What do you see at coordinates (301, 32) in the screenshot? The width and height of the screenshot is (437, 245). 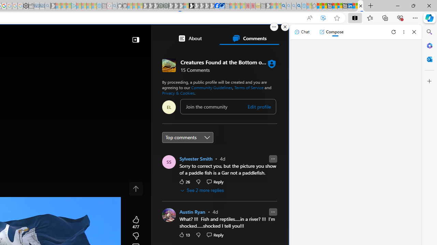 I see `'Chat'` at bounding box center [301, 32].